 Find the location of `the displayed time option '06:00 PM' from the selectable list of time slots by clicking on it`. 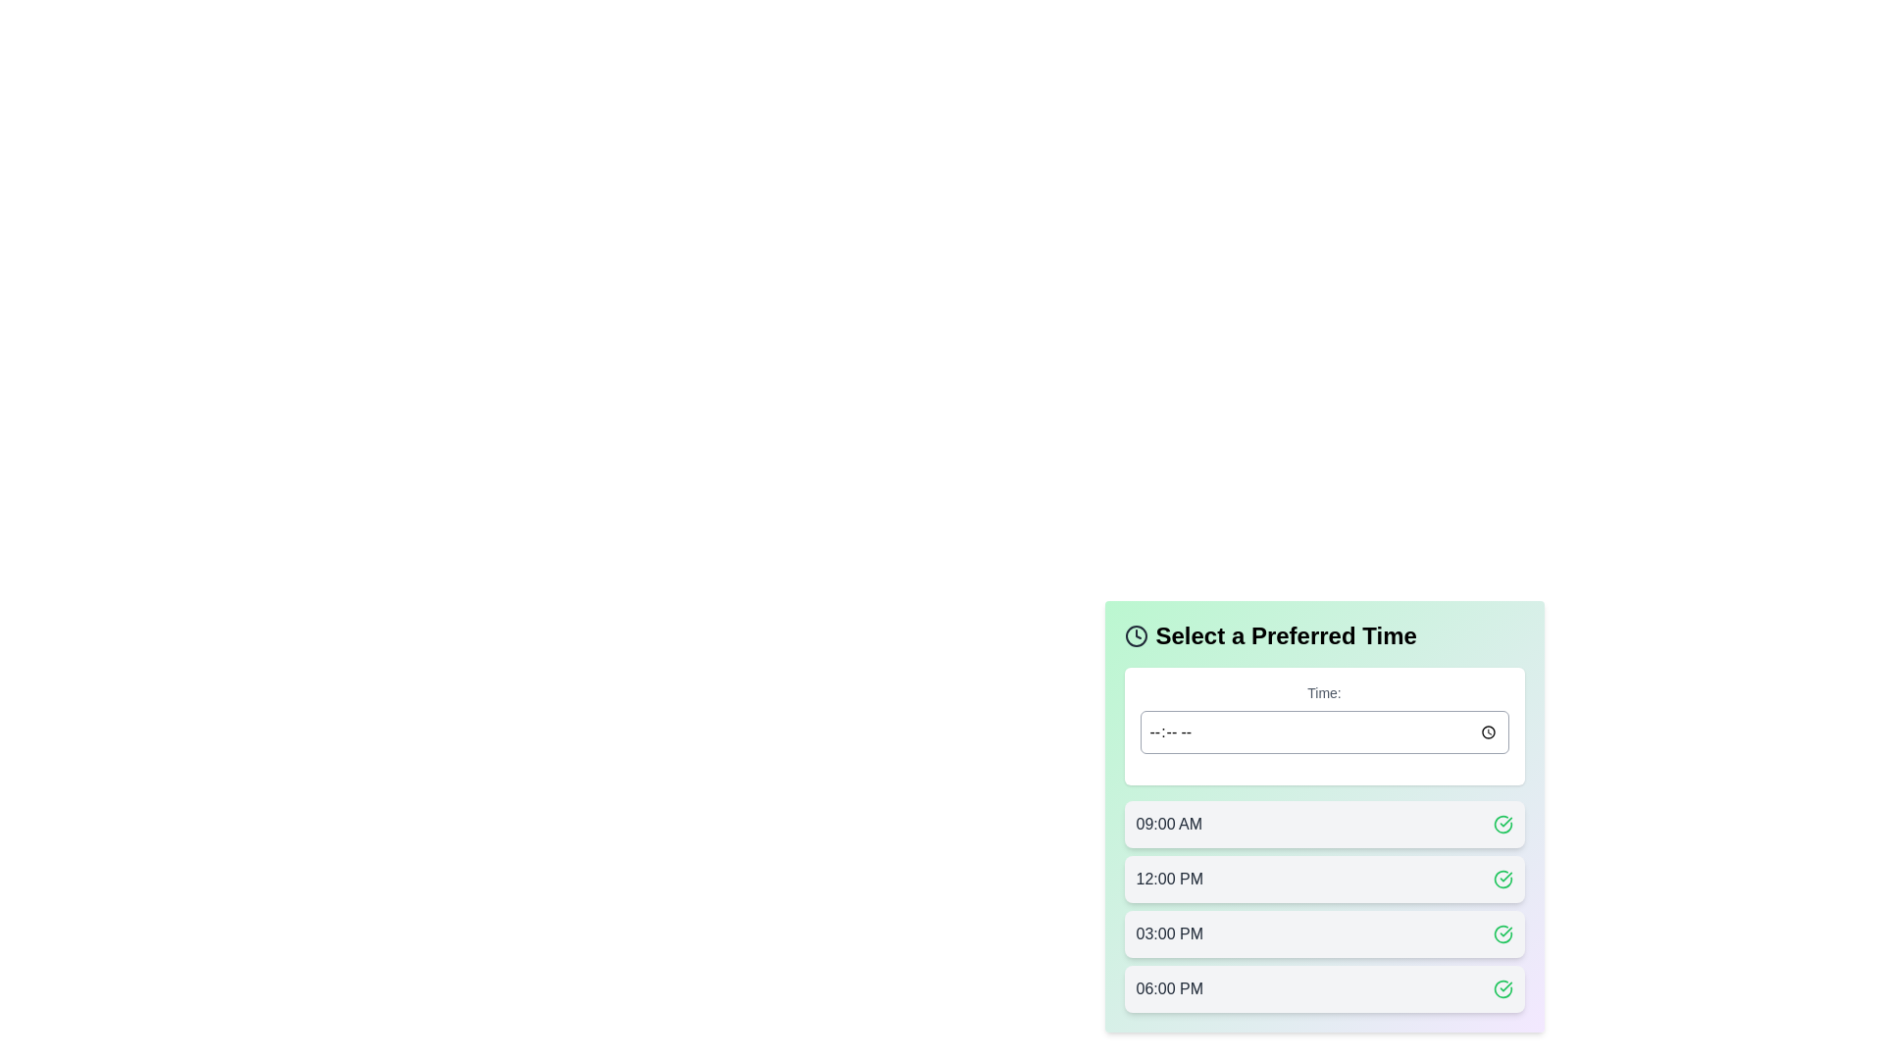

the displayed time option '06:00 PM' from the selectable list of time slots by clicking on it is located at coordinates (1169, 989).